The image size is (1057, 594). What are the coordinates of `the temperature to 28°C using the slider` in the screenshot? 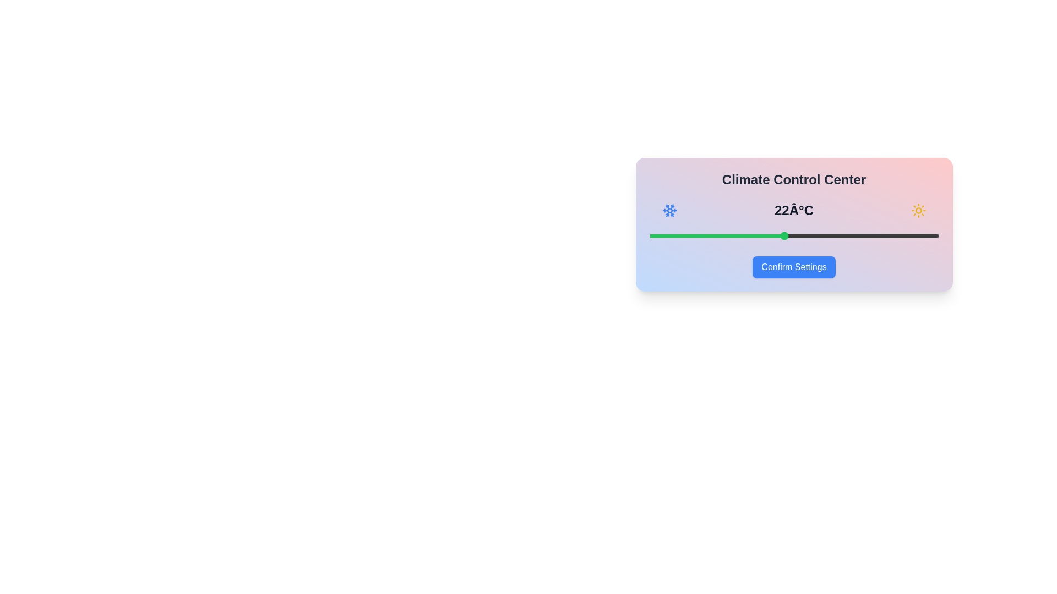 It's located at (901, 235).